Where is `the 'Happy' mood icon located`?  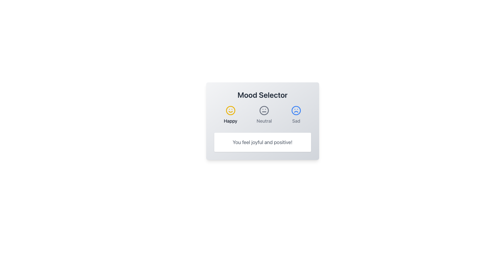
the 'Happy' mood icon located is located at coordinates (230, 110).